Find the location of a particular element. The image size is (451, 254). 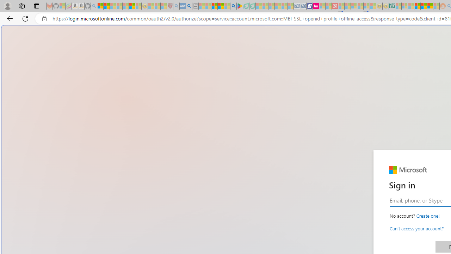

'Pets - MSN' is located at coordinates (220, 6).